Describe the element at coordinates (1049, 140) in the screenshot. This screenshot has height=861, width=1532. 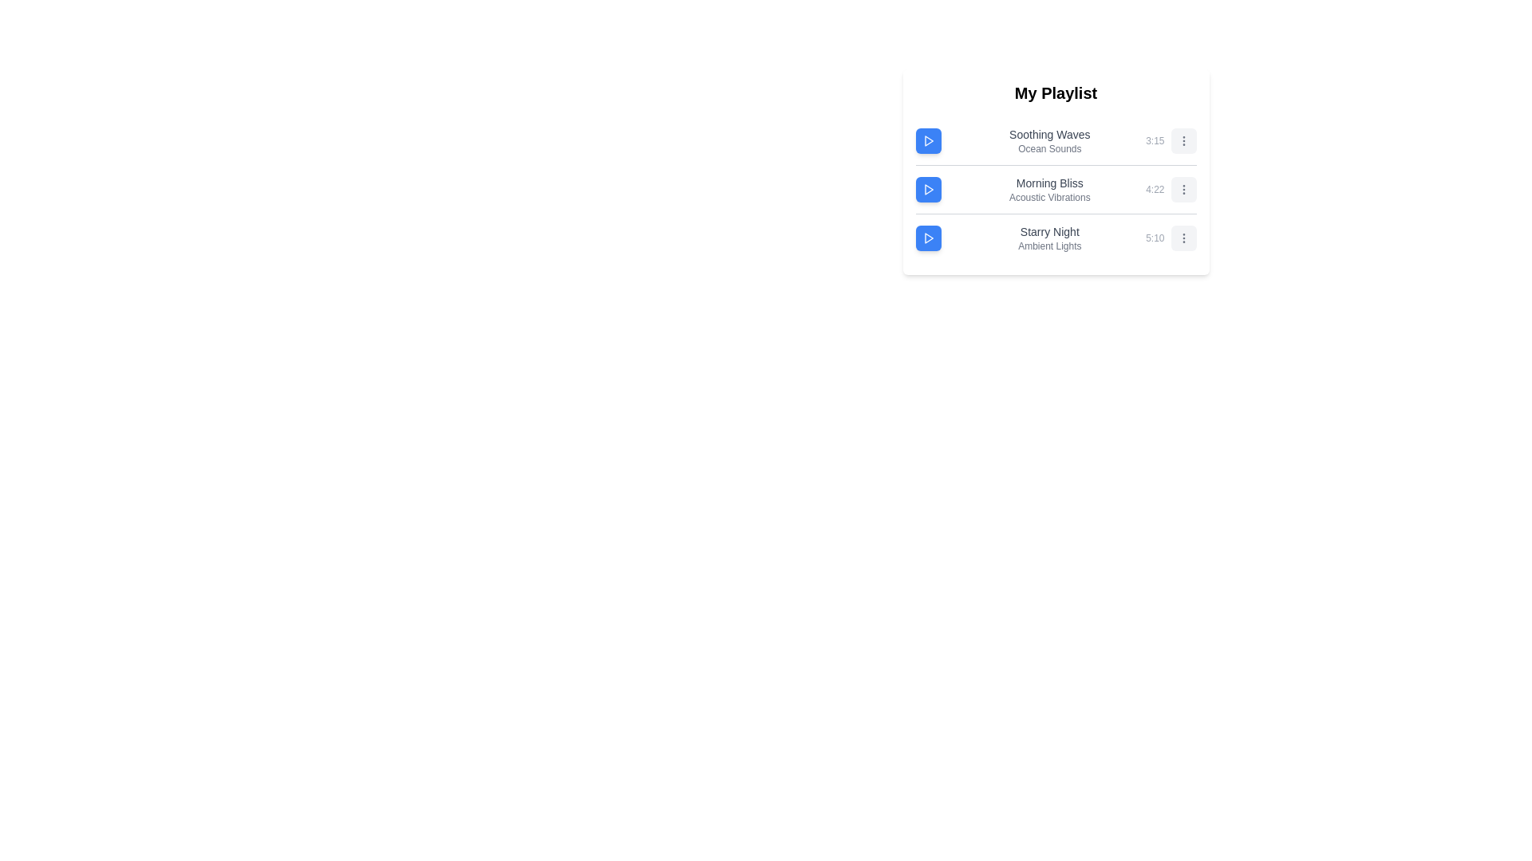
I see `text content of the Text Label displaying 'Soothing Waves' and 'Ocean Sounds', which is centrally aligned and located in the second row of the playlist interface` at that location.